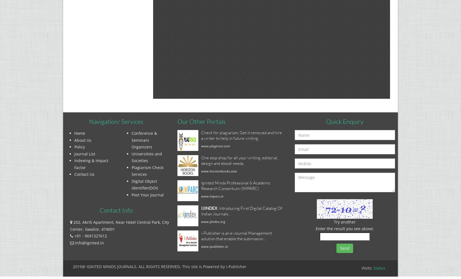 The height and width of the screenshot is (279, 461). I want to click on 'Contact Us', so click(84, 174).